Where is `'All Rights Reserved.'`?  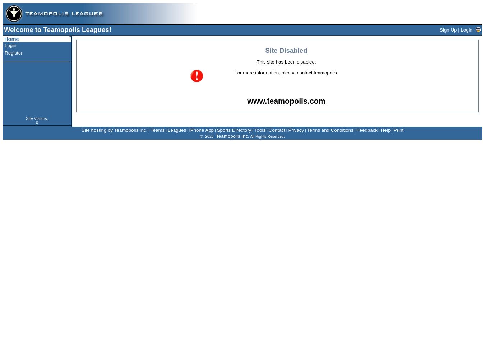 'All Rights Reserved.' is located at coordinates (266, 136).